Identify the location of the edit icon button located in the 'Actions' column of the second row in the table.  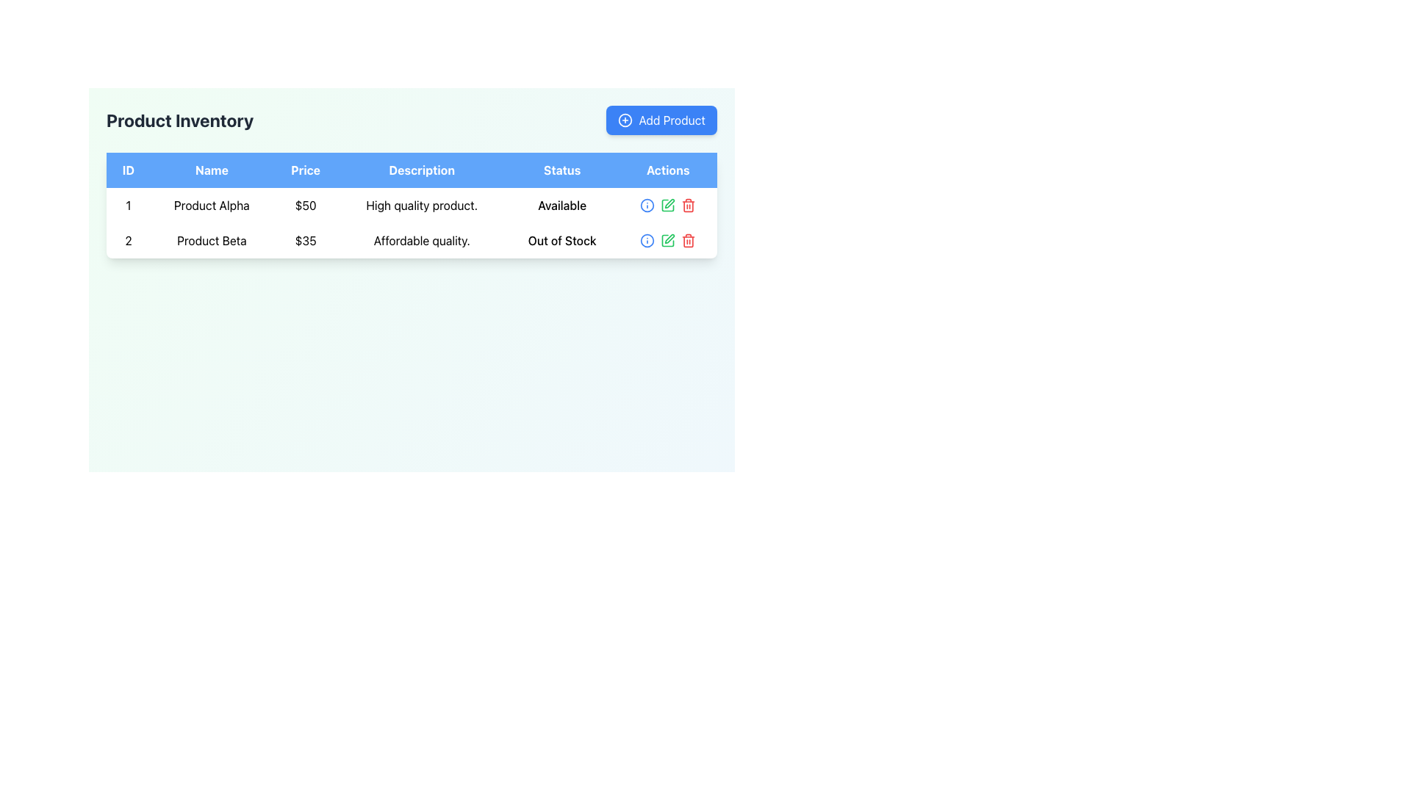
(667, 206).